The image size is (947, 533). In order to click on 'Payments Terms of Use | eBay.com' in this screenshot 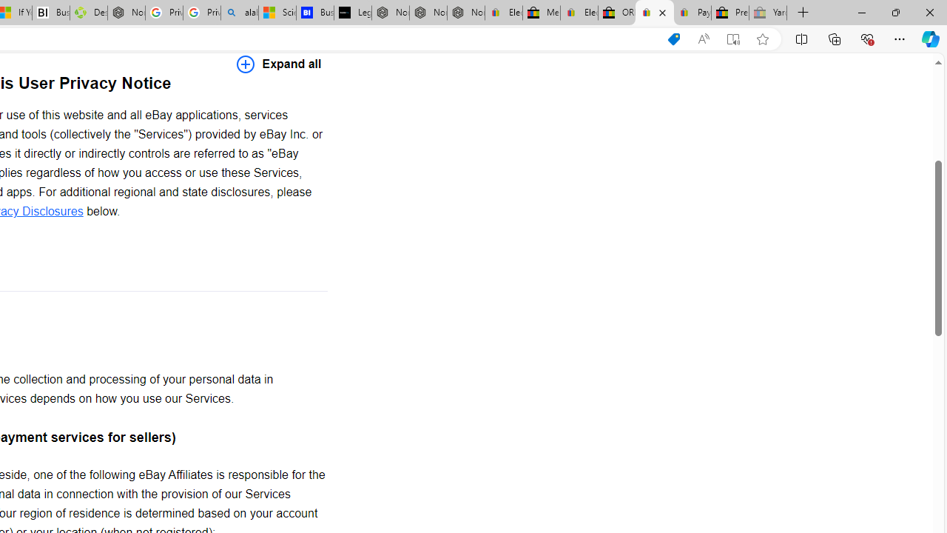, I will do `click(692, 13)`.